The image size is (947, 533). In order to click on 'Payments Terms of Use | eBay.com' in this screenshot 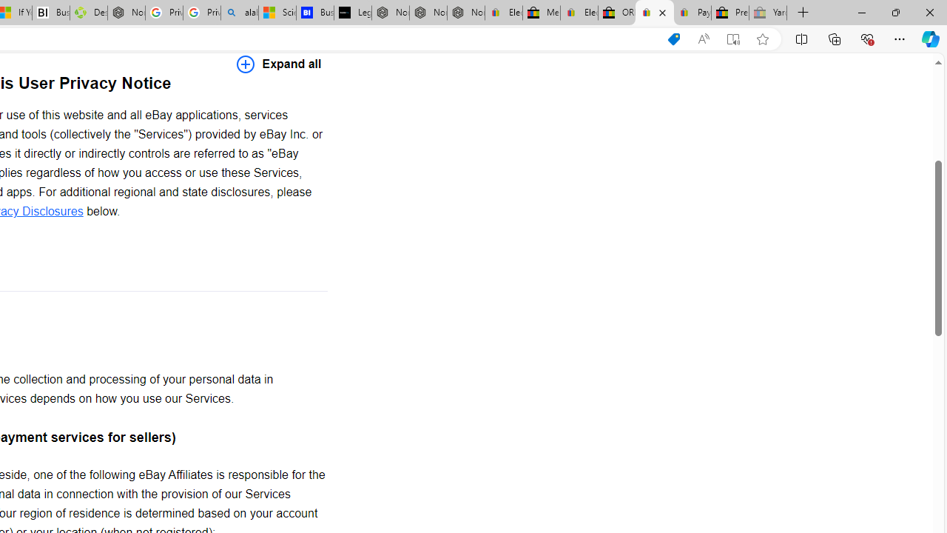, I will do `click(692, 13)`.